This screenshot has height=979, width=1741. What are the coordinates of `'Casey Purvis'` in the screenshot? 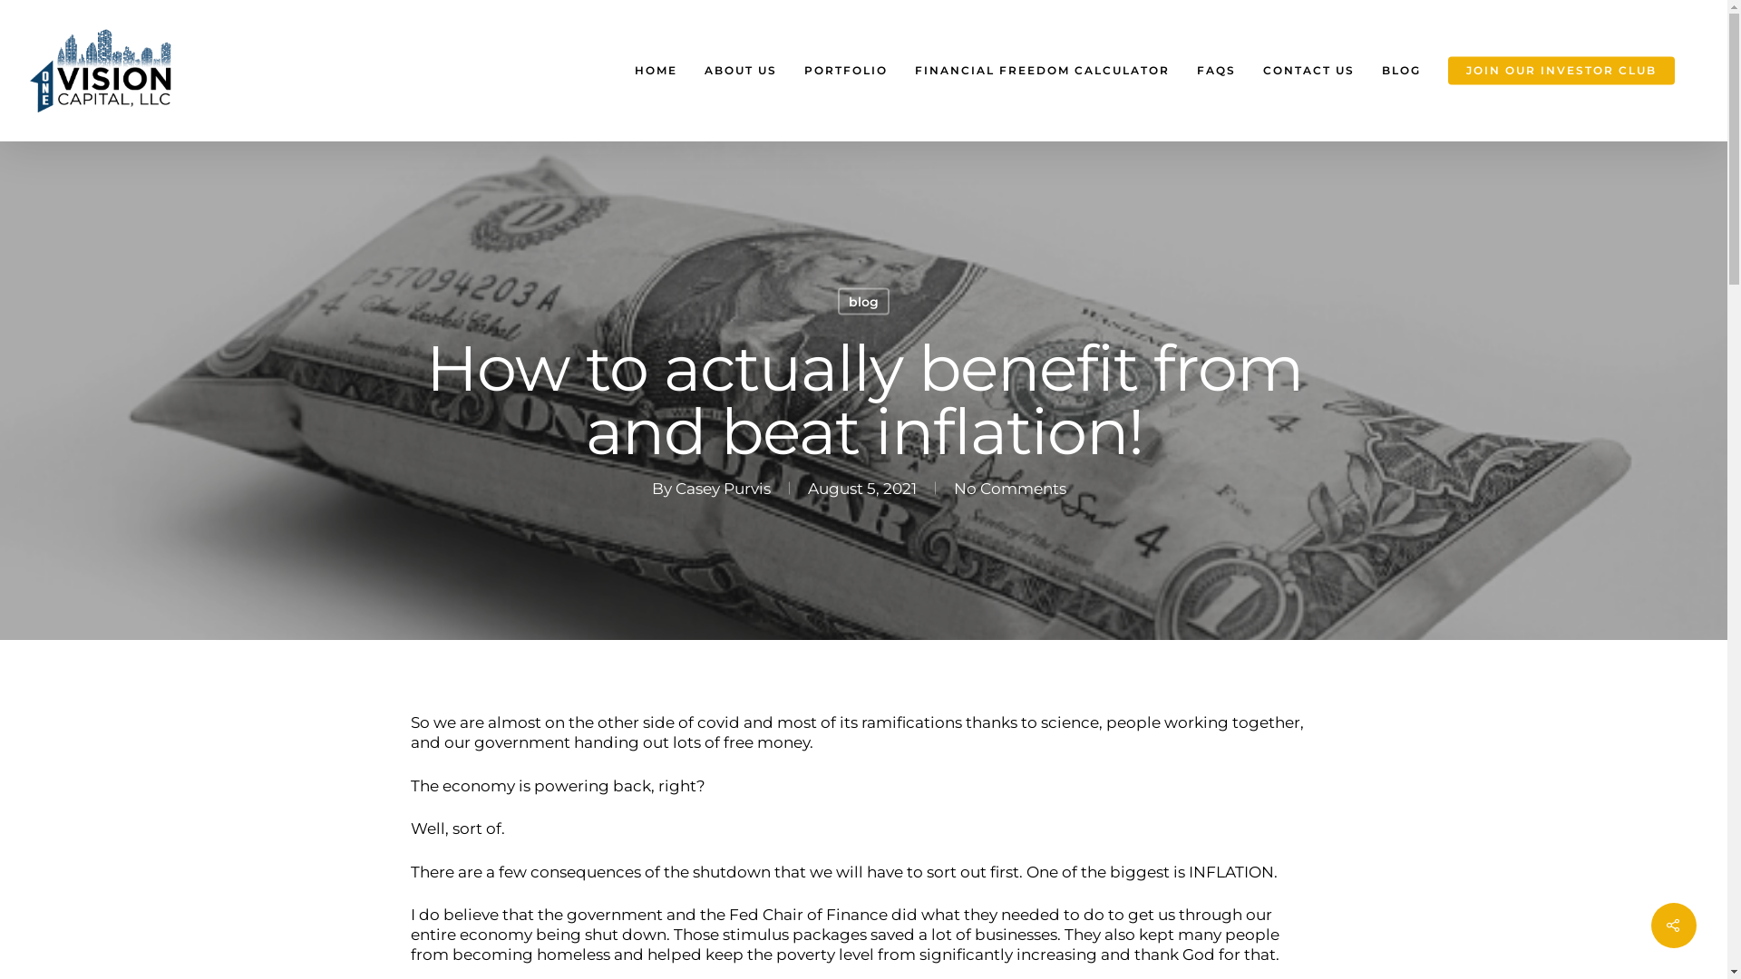 It's located at (722, 486).